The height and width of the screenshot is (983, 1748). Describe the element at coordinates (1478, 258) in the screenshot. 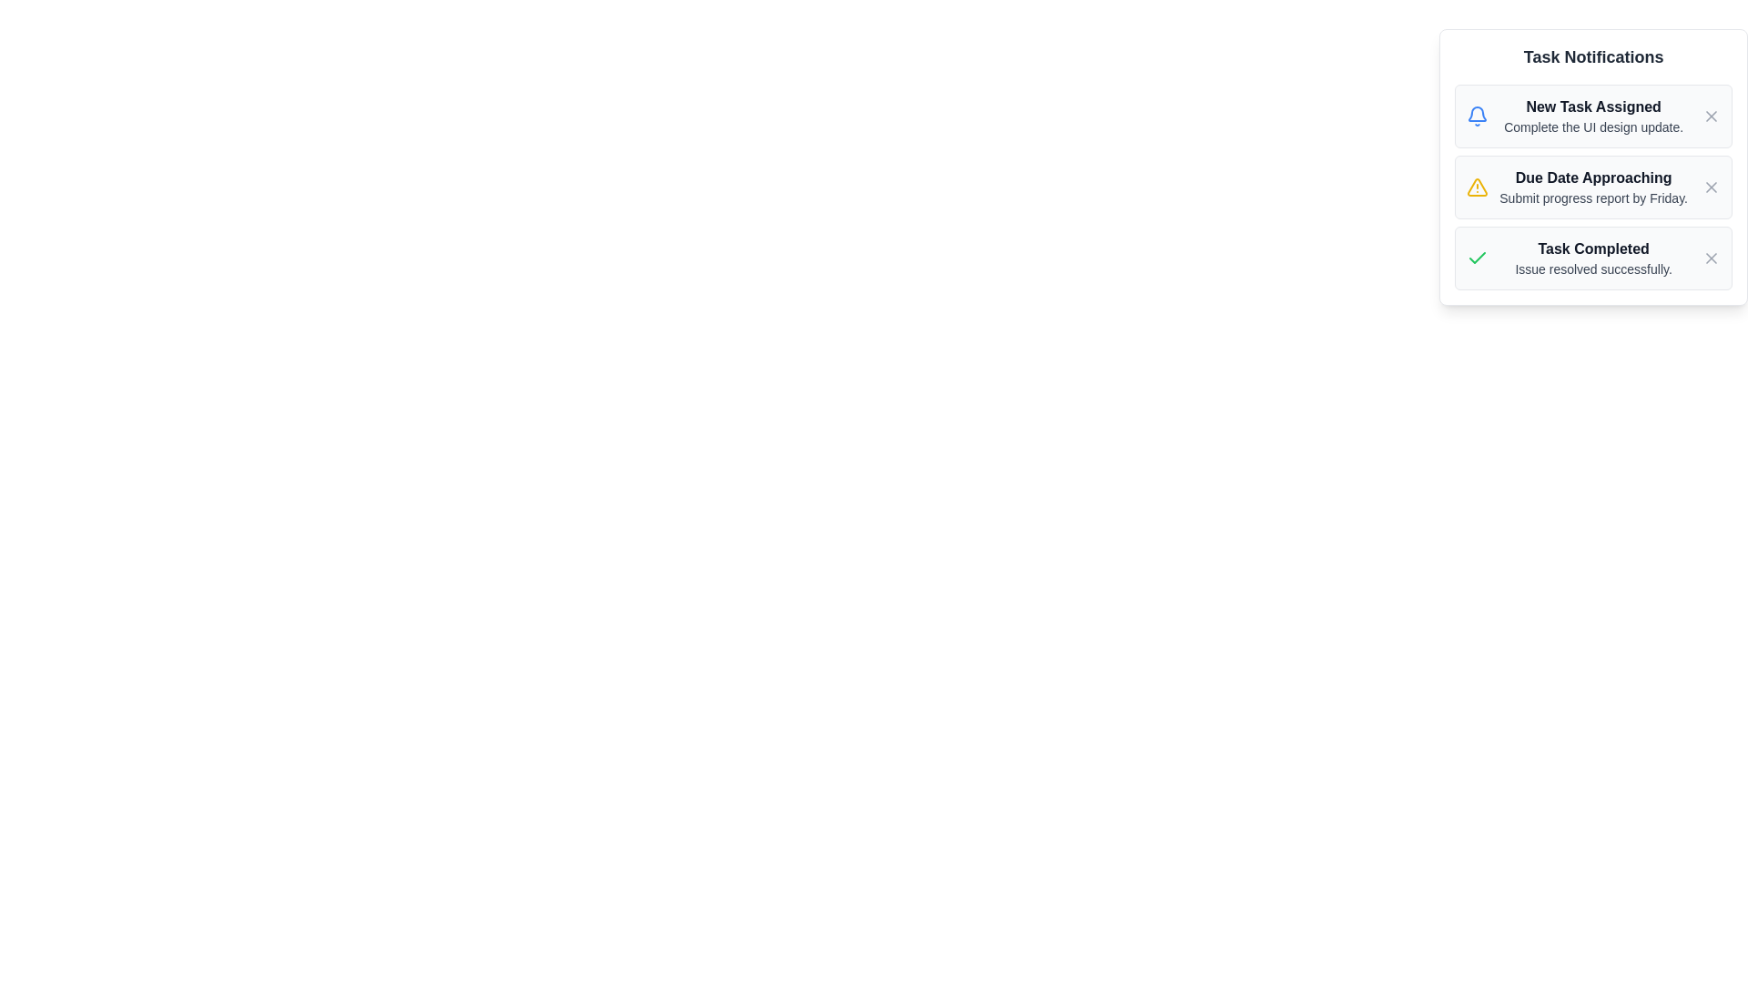

I see `the visual status of the checkmark icon indicating successful completion in the notification panel titled 'Task Completed'` at that location.